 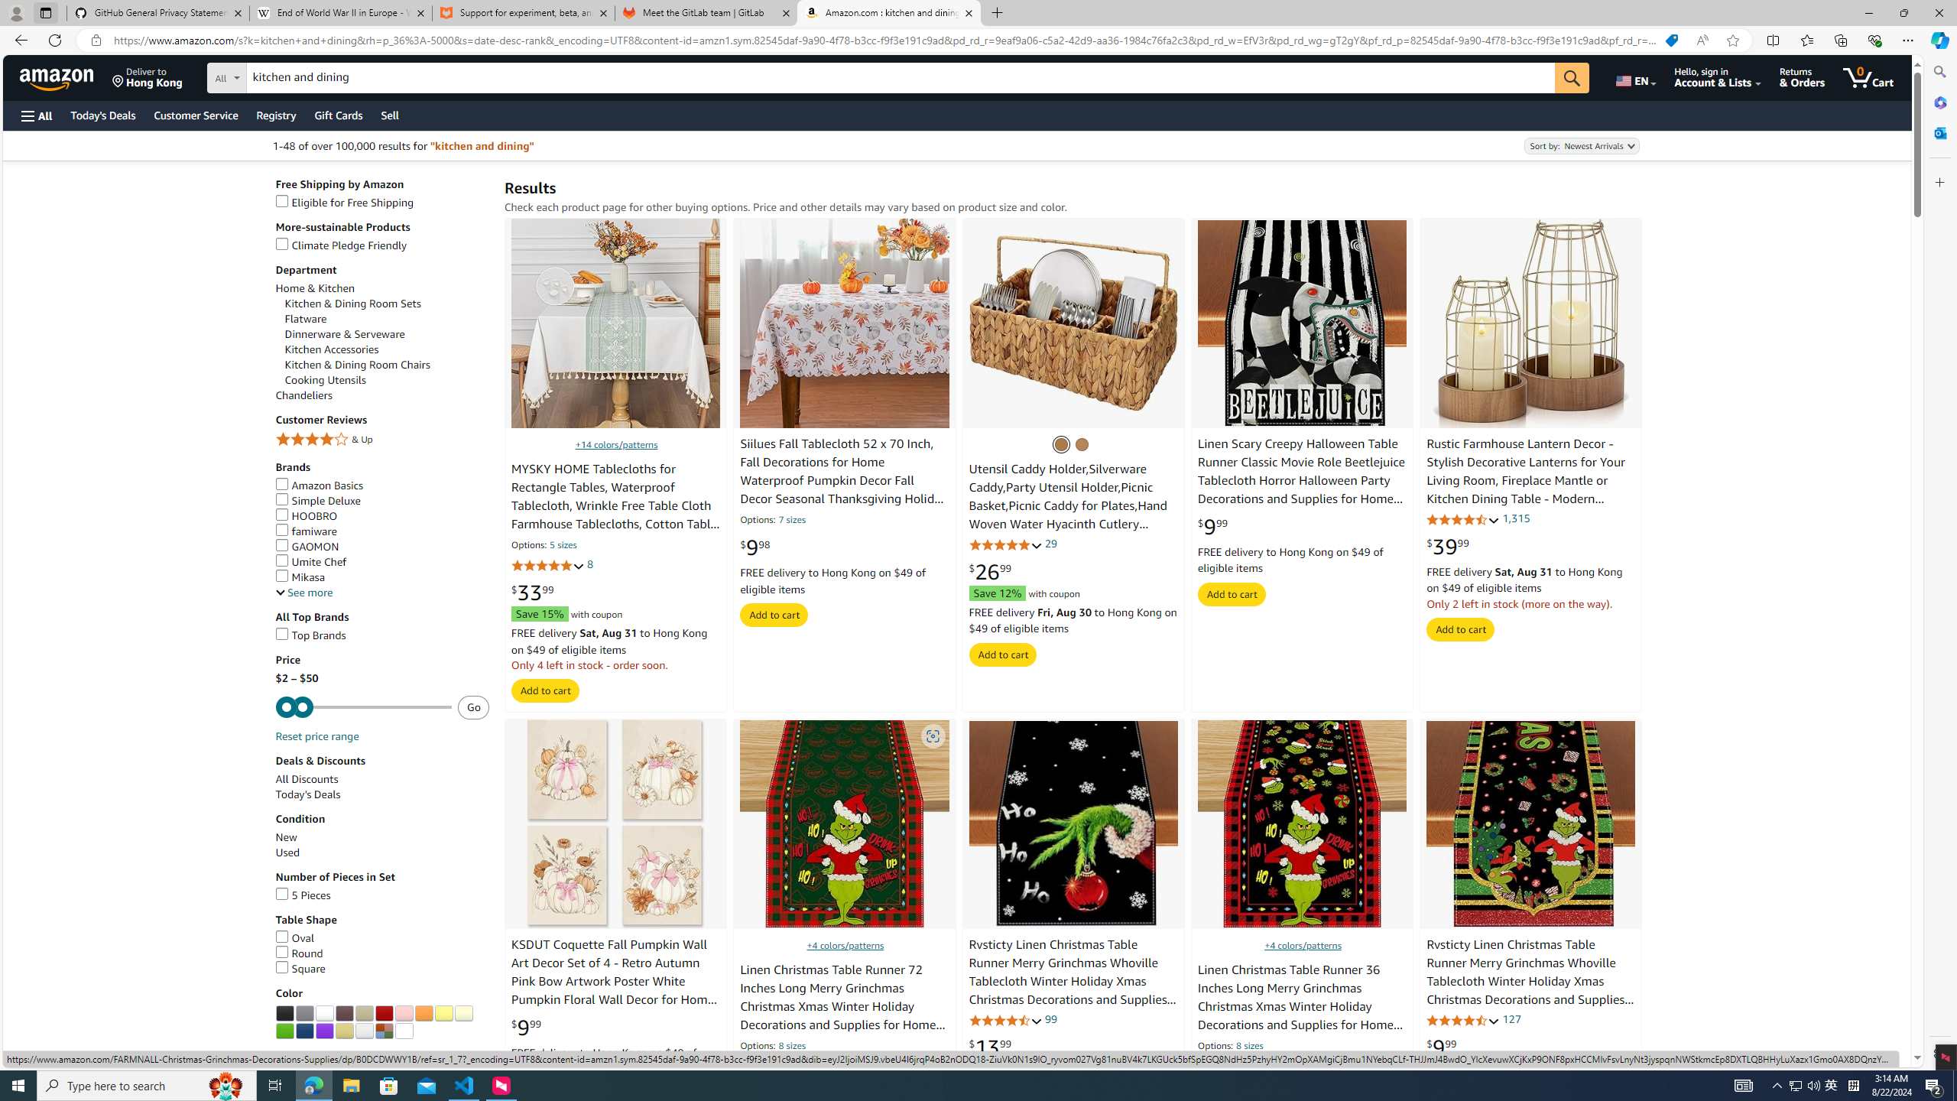 I want to click on 'AutomationID: p_n_feature_twenty_browse-bin/3254110011', so click(x=323, y=1031).